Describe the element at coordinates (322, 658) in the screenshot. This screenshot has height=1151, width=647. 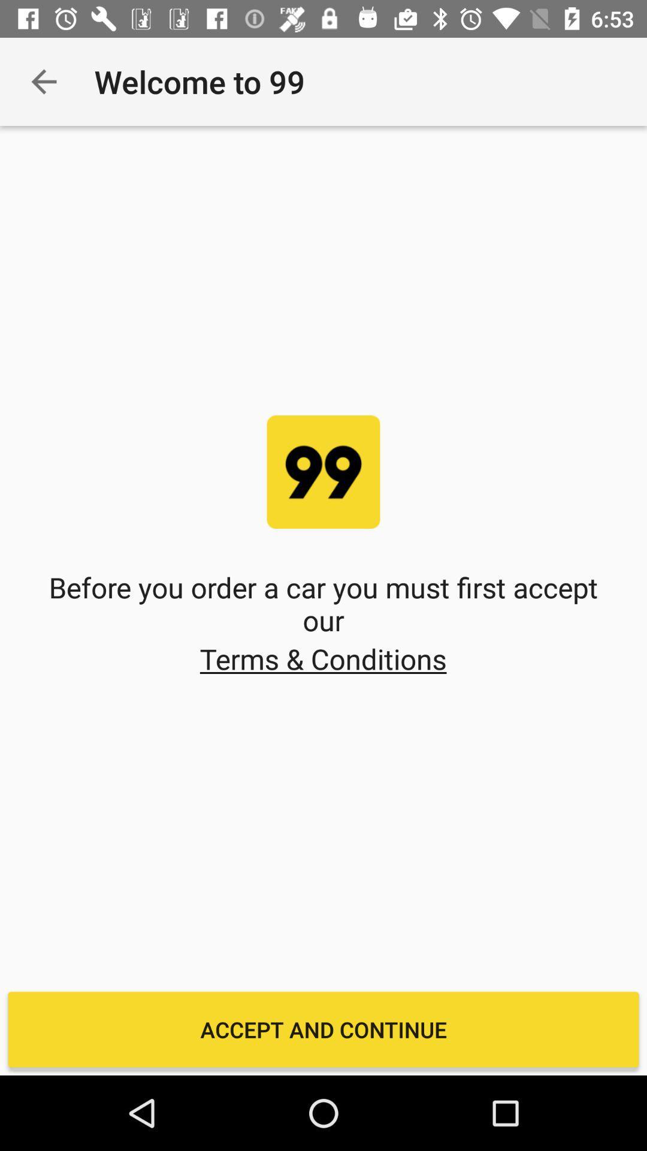
I see `terms & conditions item` at that location.